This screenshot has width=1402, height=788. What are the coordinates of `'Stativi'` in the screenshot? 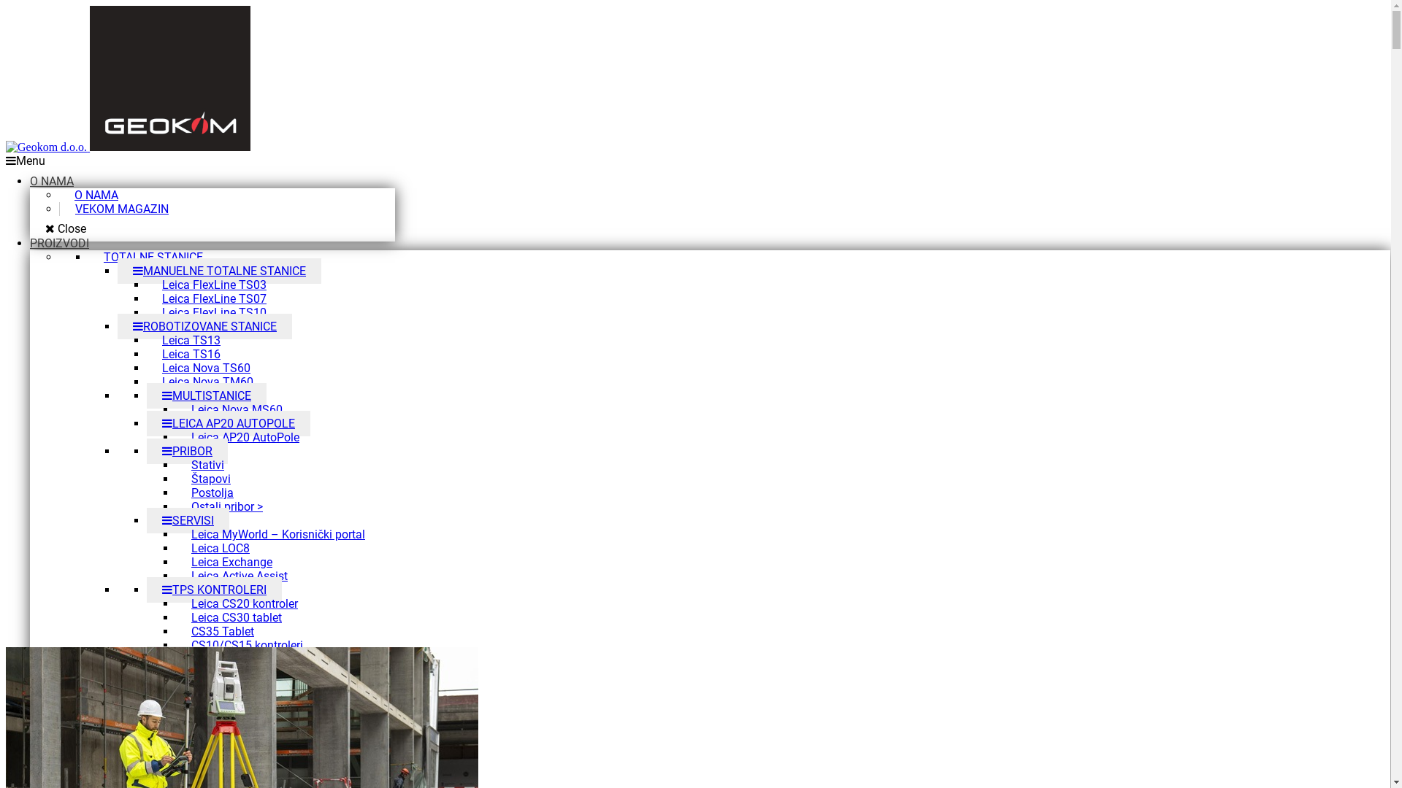 It's located at (207, 465).